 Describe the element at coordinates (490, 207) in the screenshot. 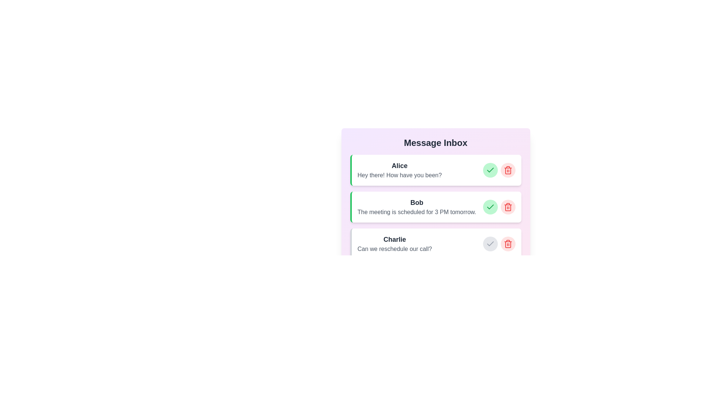

I see `the check button of the message with sender Bob to toggle its status` at that location.